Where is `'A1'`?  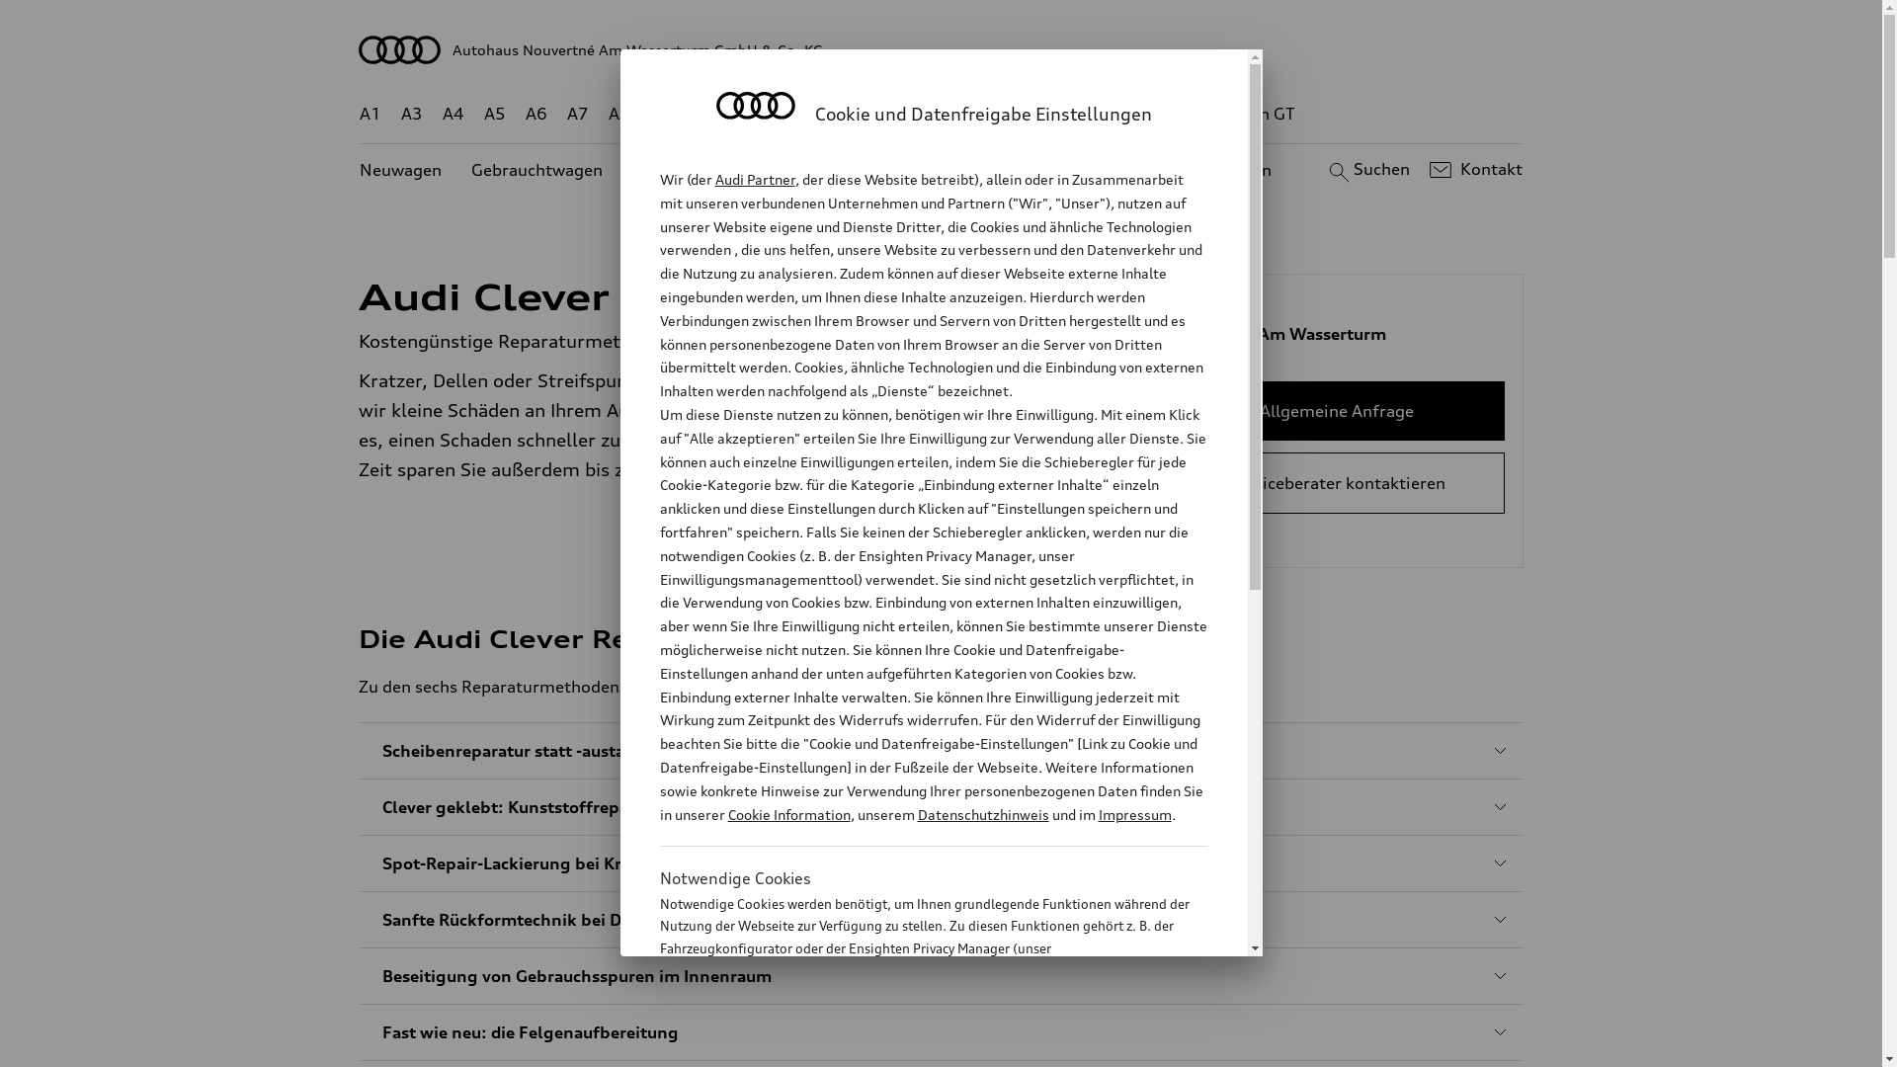
'A1' is located at coordinates (370, 114).